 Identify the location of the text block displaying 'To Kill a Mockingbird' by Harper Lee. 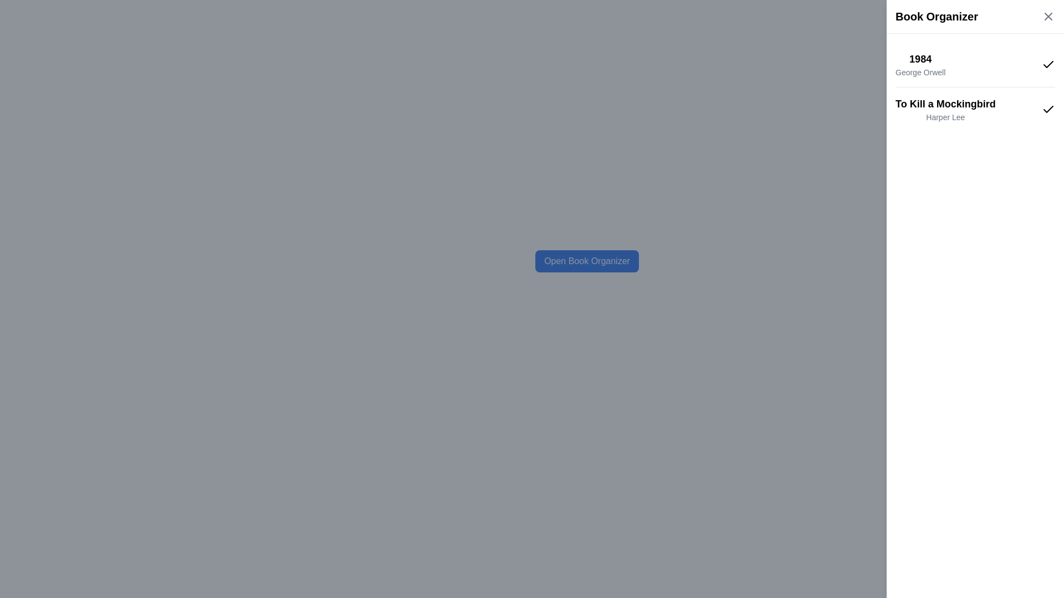
(945, 109).